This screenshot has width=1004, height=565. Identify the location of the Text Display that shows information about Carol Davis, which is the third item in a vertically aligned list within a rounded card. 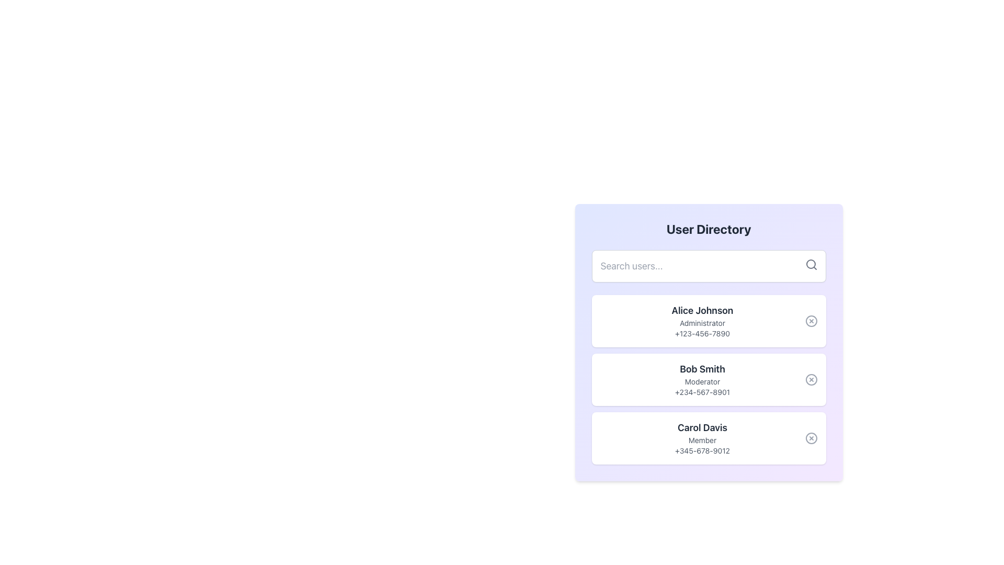
(702, 438).